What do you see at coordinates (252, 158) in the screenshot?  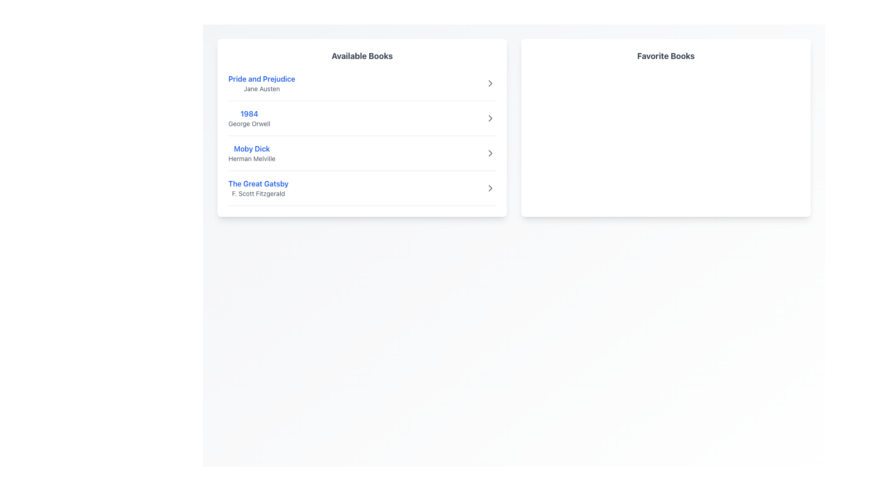 I see `the Text Label that identifies the author of the book listed beneath 'Moby Dick' in the left panel titled 'Available Books'` at bounding box center [252, 158].